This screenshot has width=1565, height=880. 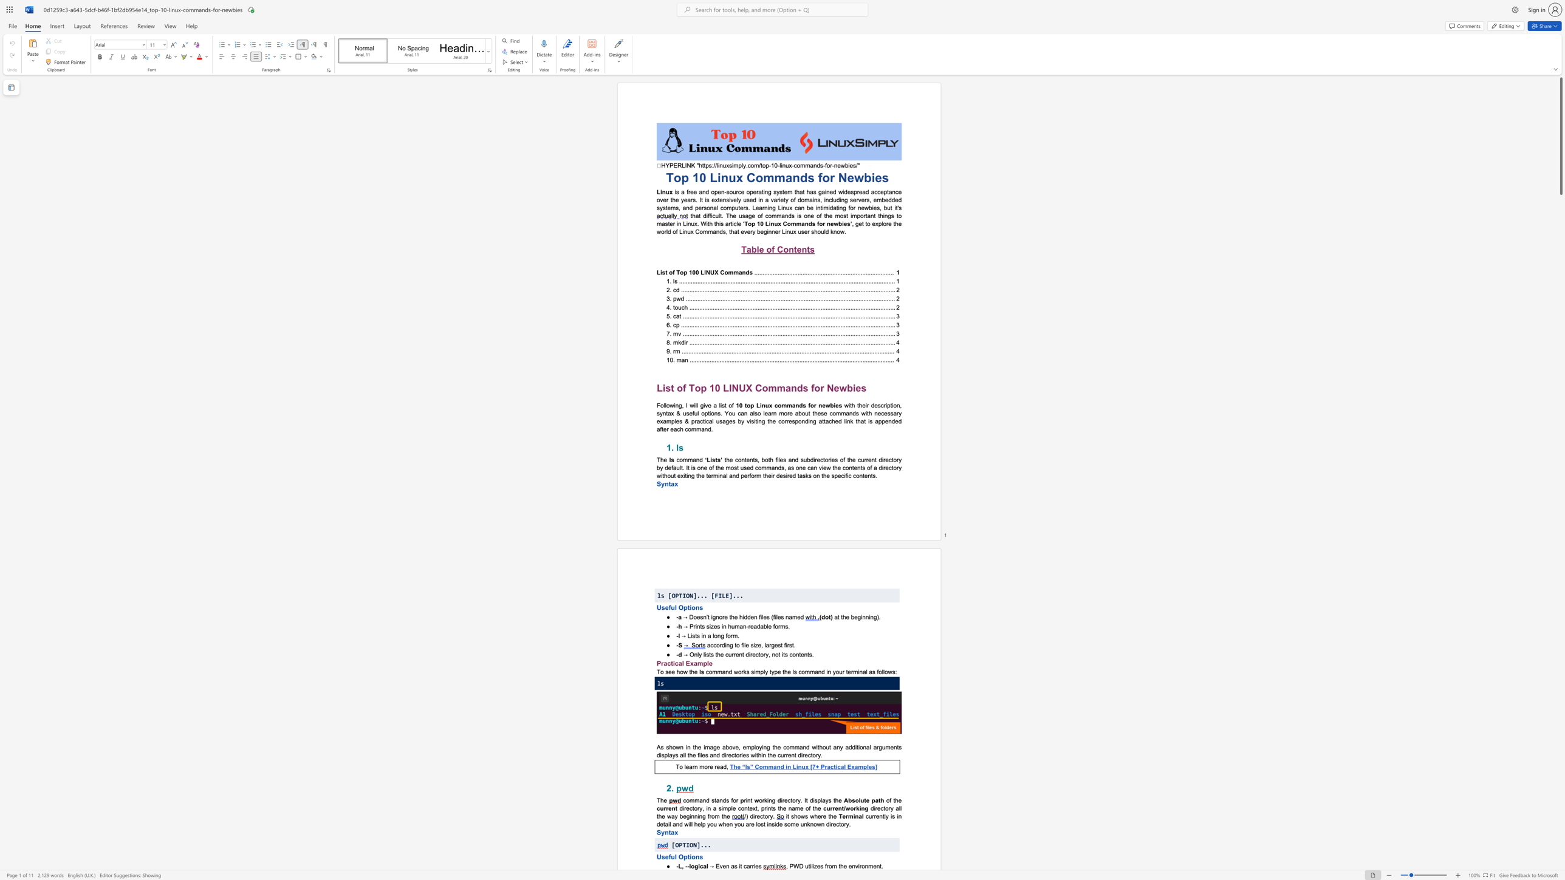 What do you see at coordinates (843, 165) in the screenshot?
I see `the 1th character "w" in the text` at bounding box center [843, 165].